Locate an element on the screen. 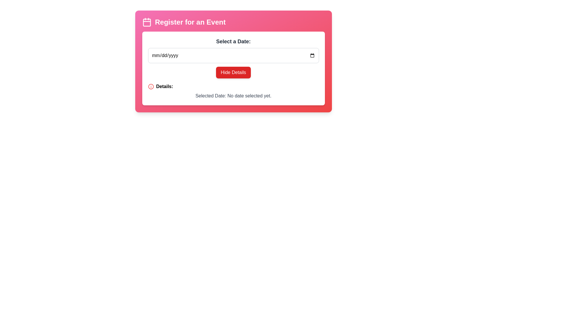 The image size is (562, 316). the Date Picker Input field located below the title text 'Select a Date:' and above the button labeled 'Hide Details' for keyboard navigation is located at coordinates (233, 55).